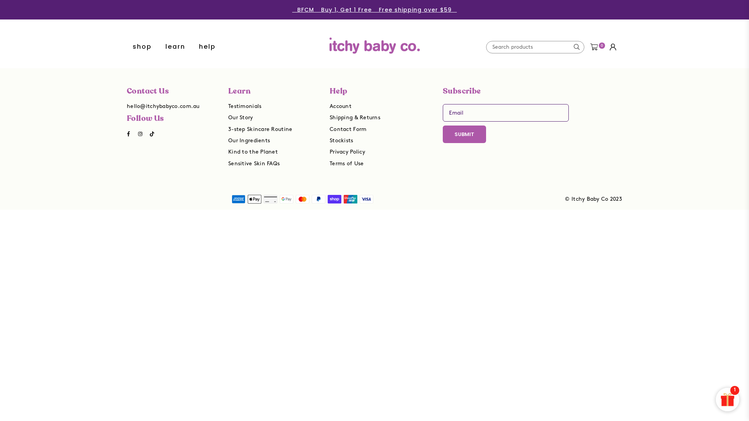 Image resolution: width=749 pixels, height=421 pixels. What do you see at coordinates (254, 163) in the screenshot?
I see `'Sensitive Skin FAQs'` at bounding box center [254, 163].